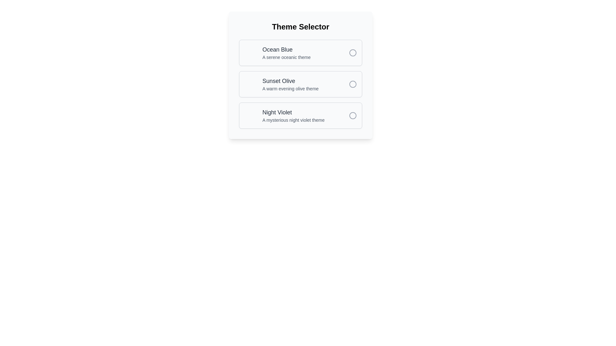 The height and width of the screenshot is (346, 616). Describe the element at coordinates (300, 84) in the screenshot. I see `the selectable theme option labeled 'Sunset Olive'` at that location.